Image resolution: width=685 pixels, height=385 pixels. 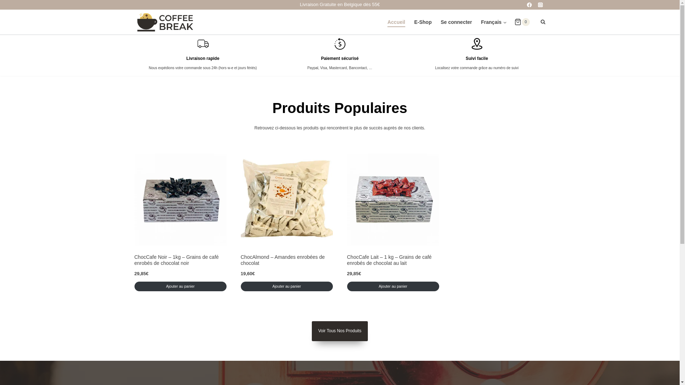 I want to click on 'Se connecter', so click(x=456, y=21).